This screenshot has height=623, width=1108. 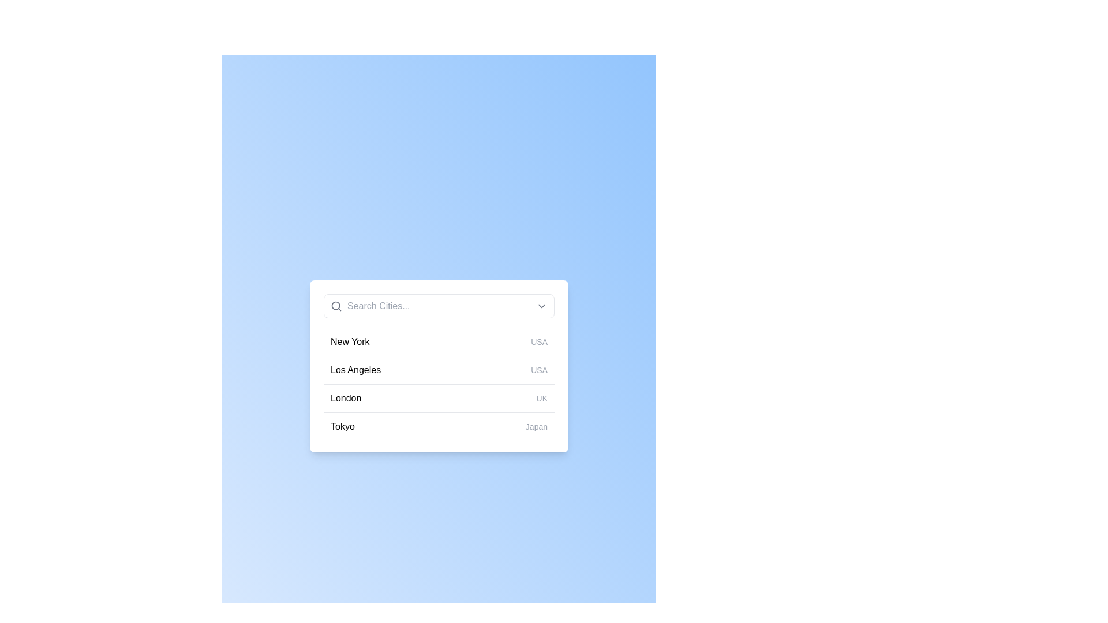 What do you see at coordinates (349, 341) in the screenshot?
I see `the 'New York' text label, which is the first selectable option in the dropdown list` at bounding box center [349, 341].